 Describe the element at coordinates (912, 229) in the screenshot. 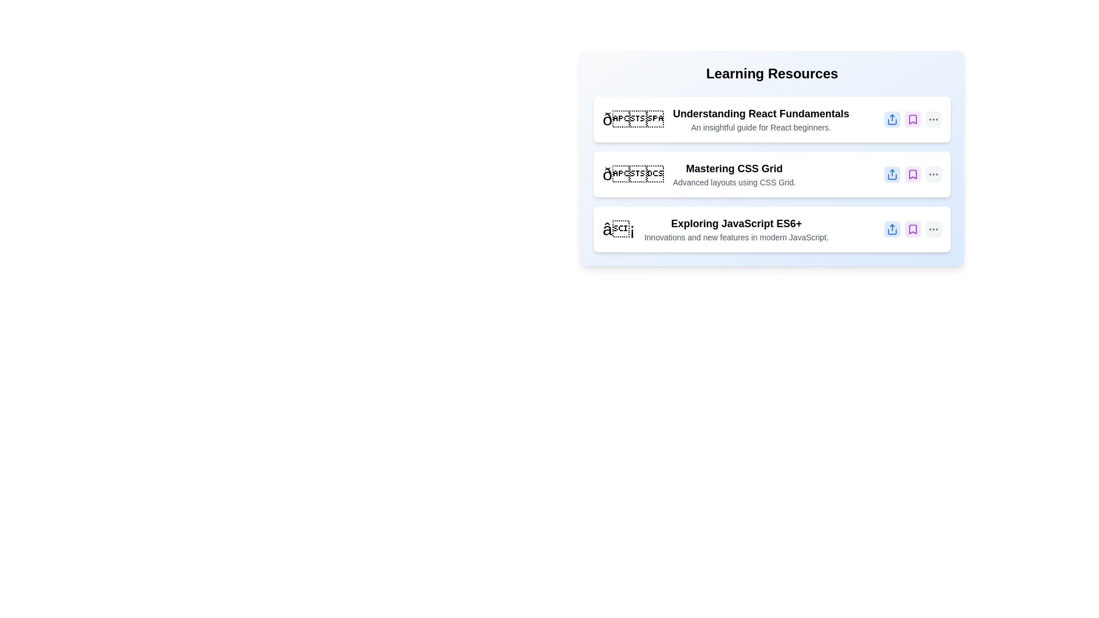

I see `bookmark button for the item titled 'Exploring JavaScript ES6+'` at that location.